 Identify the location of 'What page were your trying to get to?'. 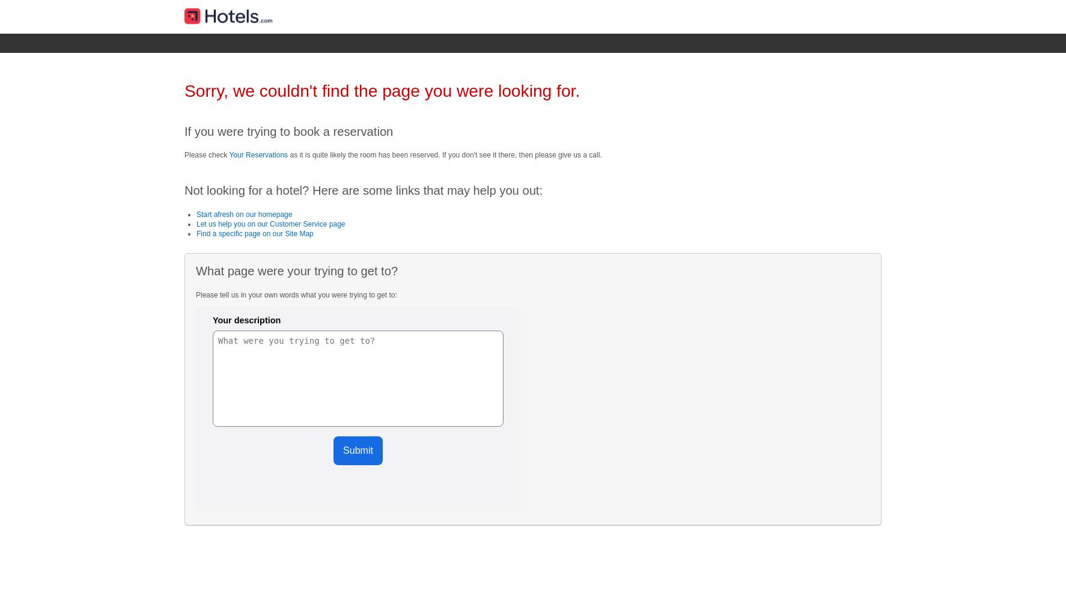
(196, 270).